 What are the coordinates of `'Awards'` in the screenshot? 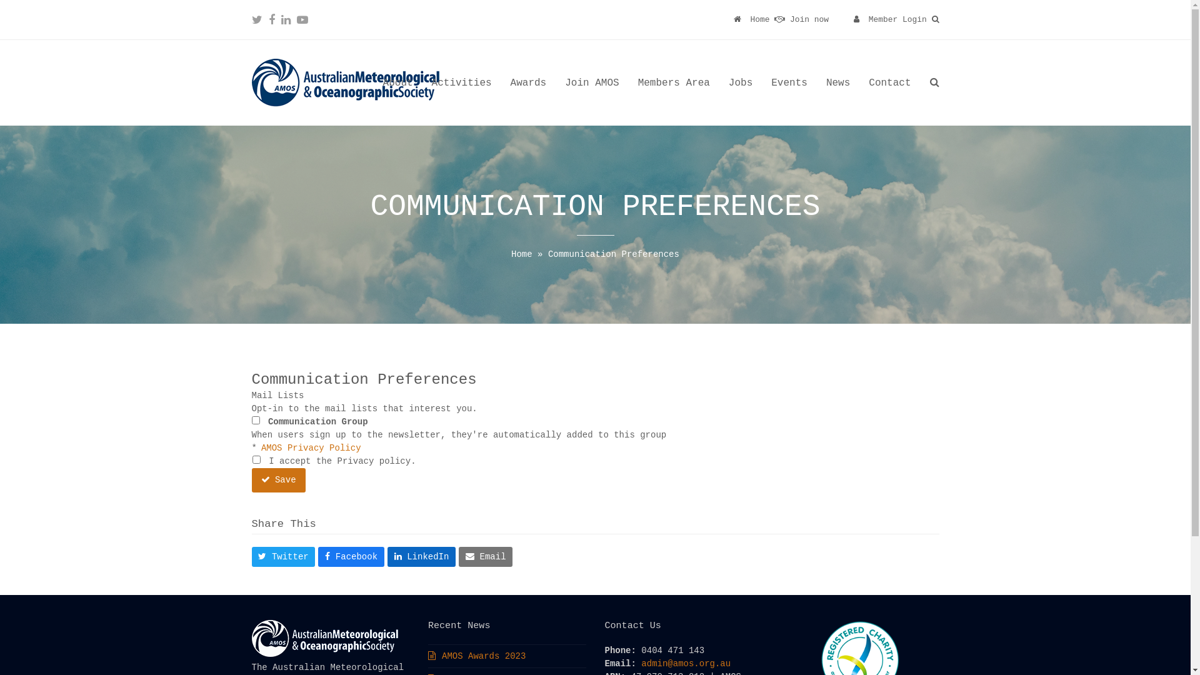 It's located at (528, 82).